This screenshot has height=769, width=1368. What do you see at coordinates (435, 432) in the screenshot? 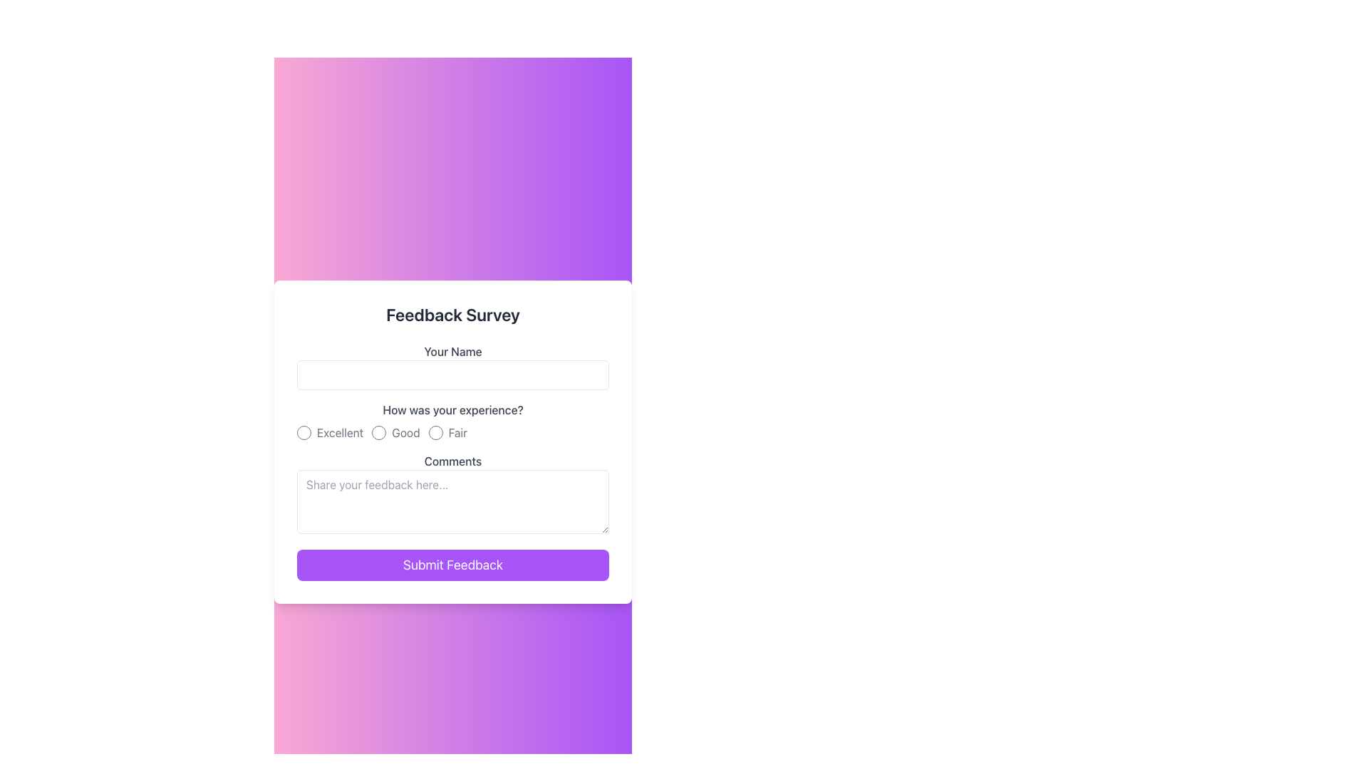
I see `the purple radio button labeled 'Fair'` at bounding box center [435, 432].